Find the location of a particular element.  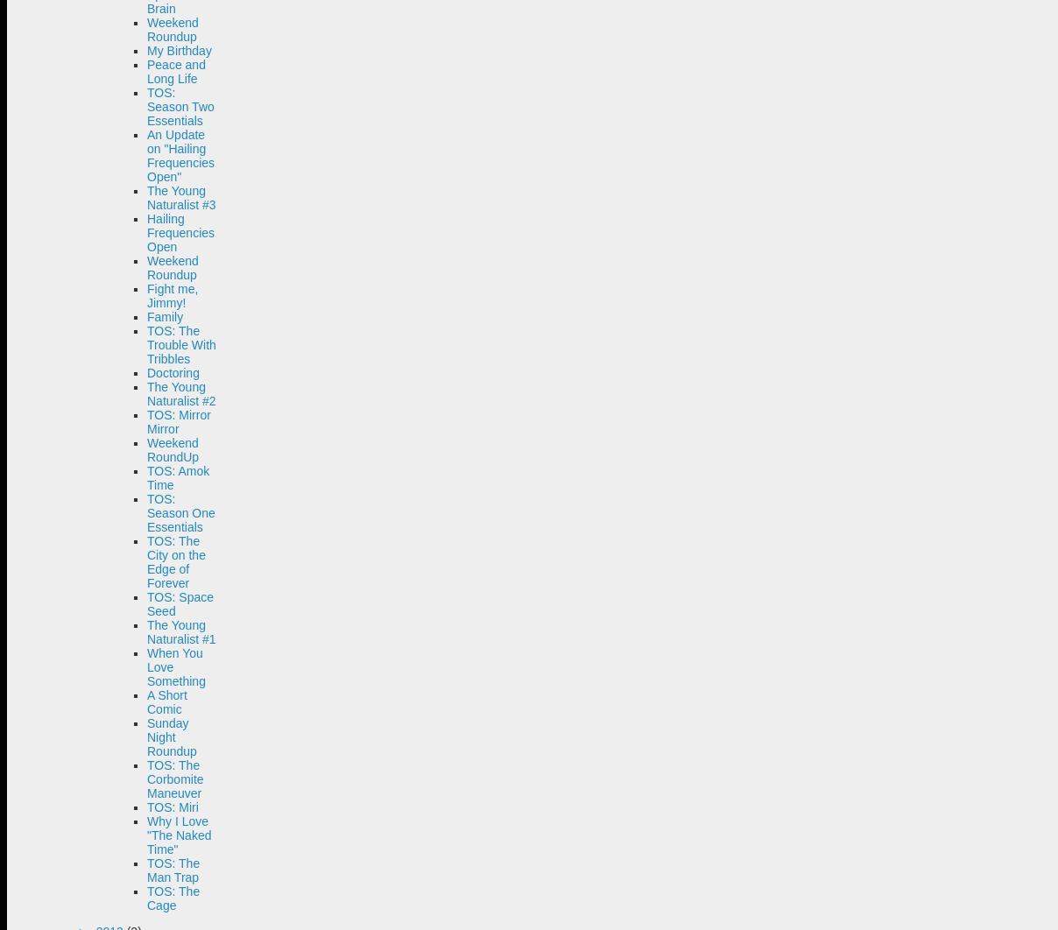

'Weekend RoundUp' is located at coordinates (173, 449).